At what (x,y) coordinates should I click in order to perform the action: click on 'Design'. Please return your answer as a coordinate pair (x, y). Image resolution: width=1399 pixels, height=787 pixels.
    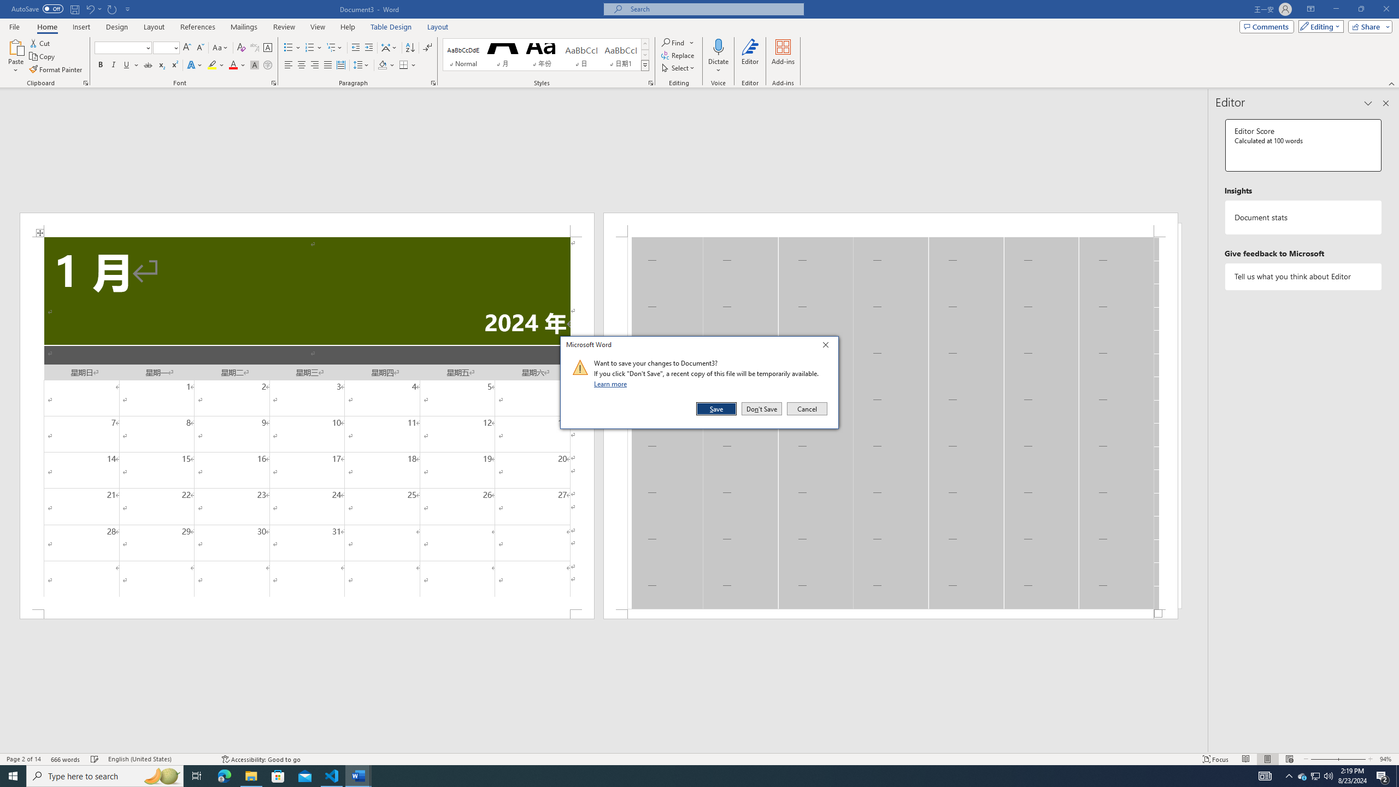
    Looking at the image, I should click on (117, 27).